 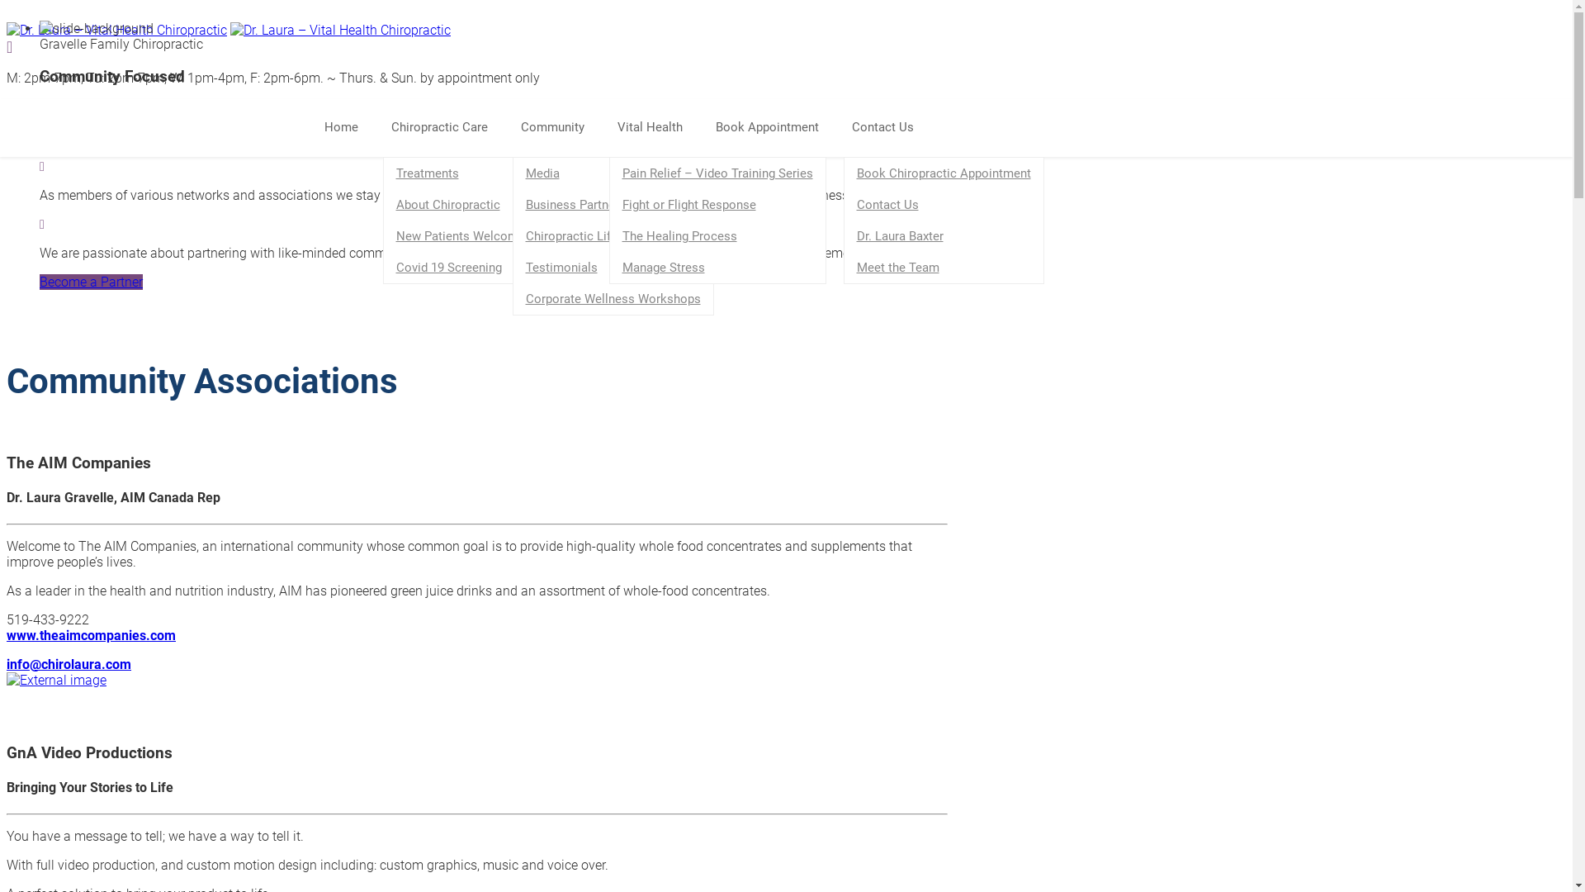 I want to click on 'Home', so click(x=315, y=126).